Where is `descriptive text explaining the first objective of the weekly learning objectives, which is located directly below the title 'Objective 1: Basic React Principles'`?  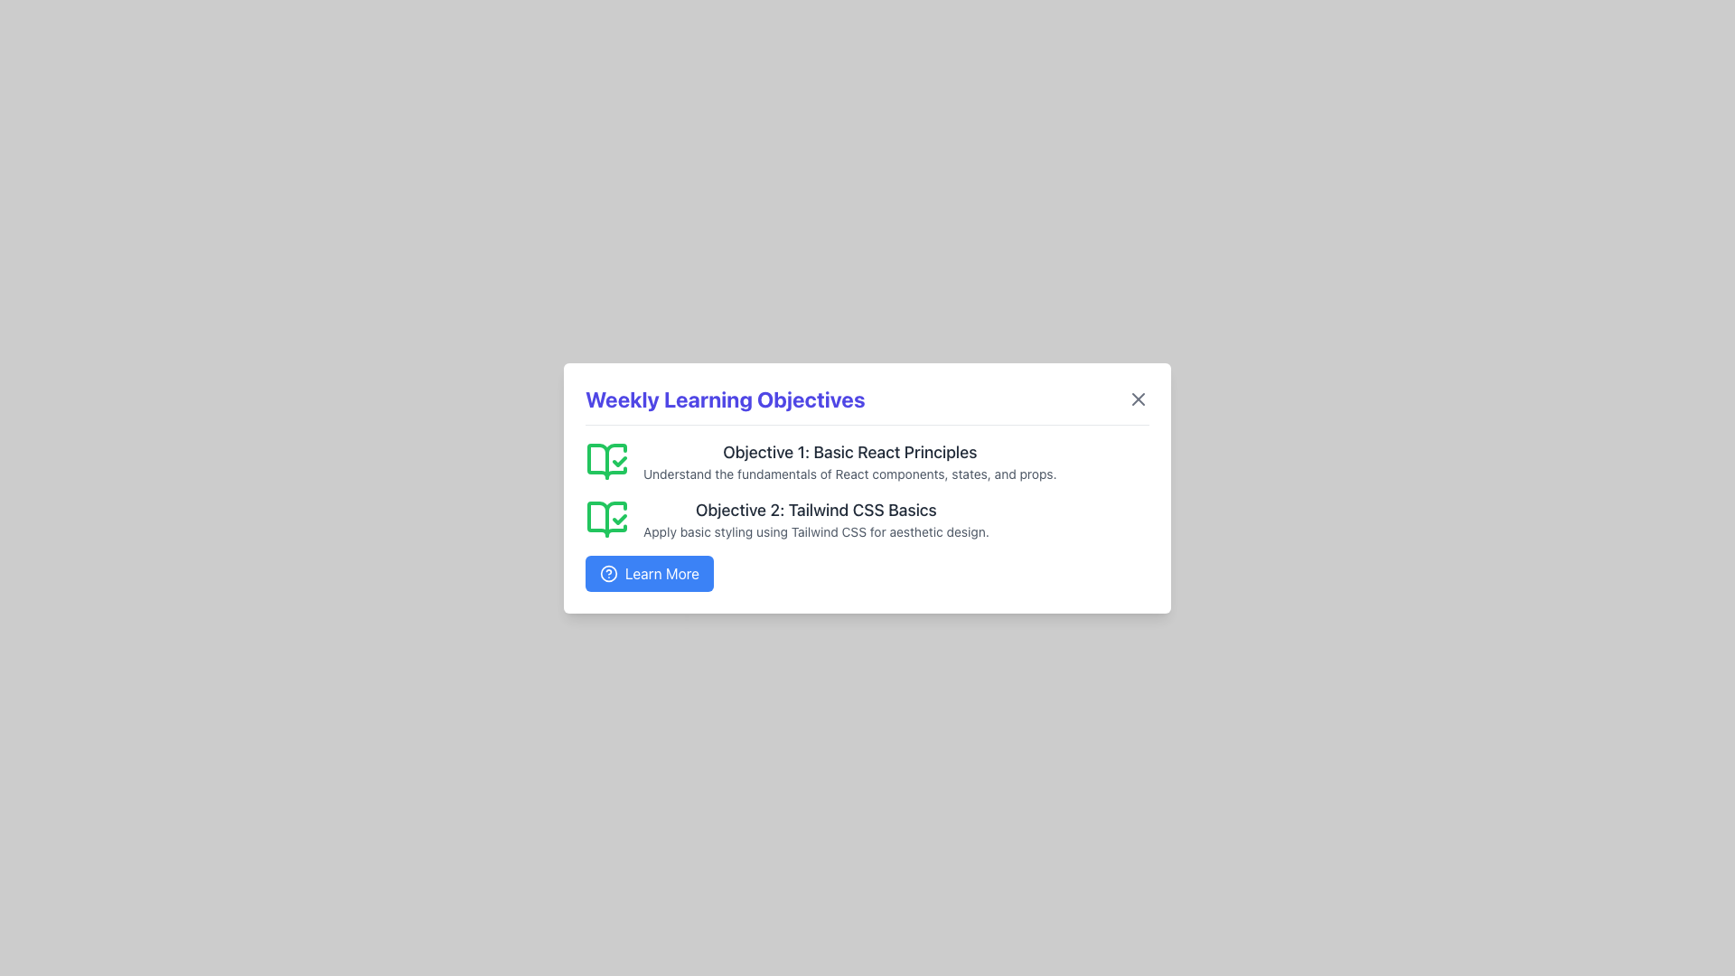
descriptive text explaining the first objective of the weekly learning objectives, which is located directly below the title 'Objective 1: Basic React Principles' is located at coordinates (849, 473).